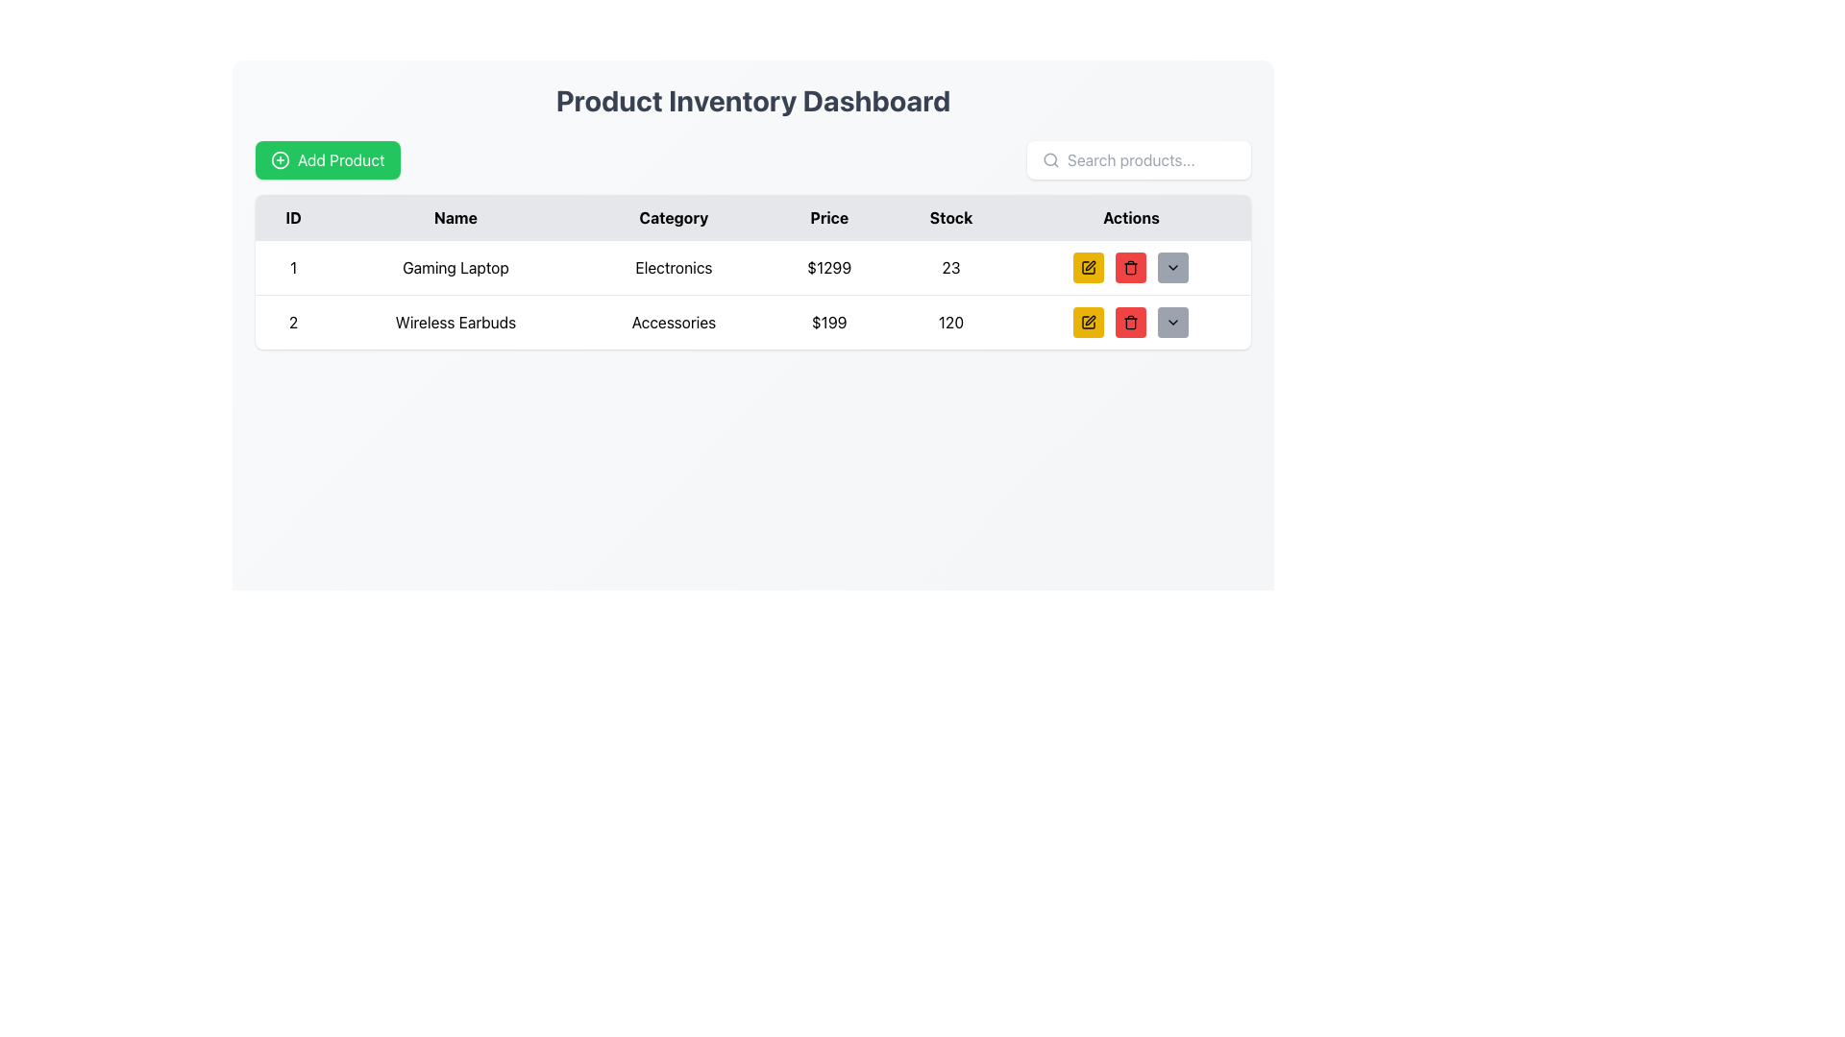  Describe the element at coordinates (751, 267) in the screenshot. I see `stock count ('23') and price ('$1299') values in the first row of the product table for 'Gaming Laptop'` at that location.